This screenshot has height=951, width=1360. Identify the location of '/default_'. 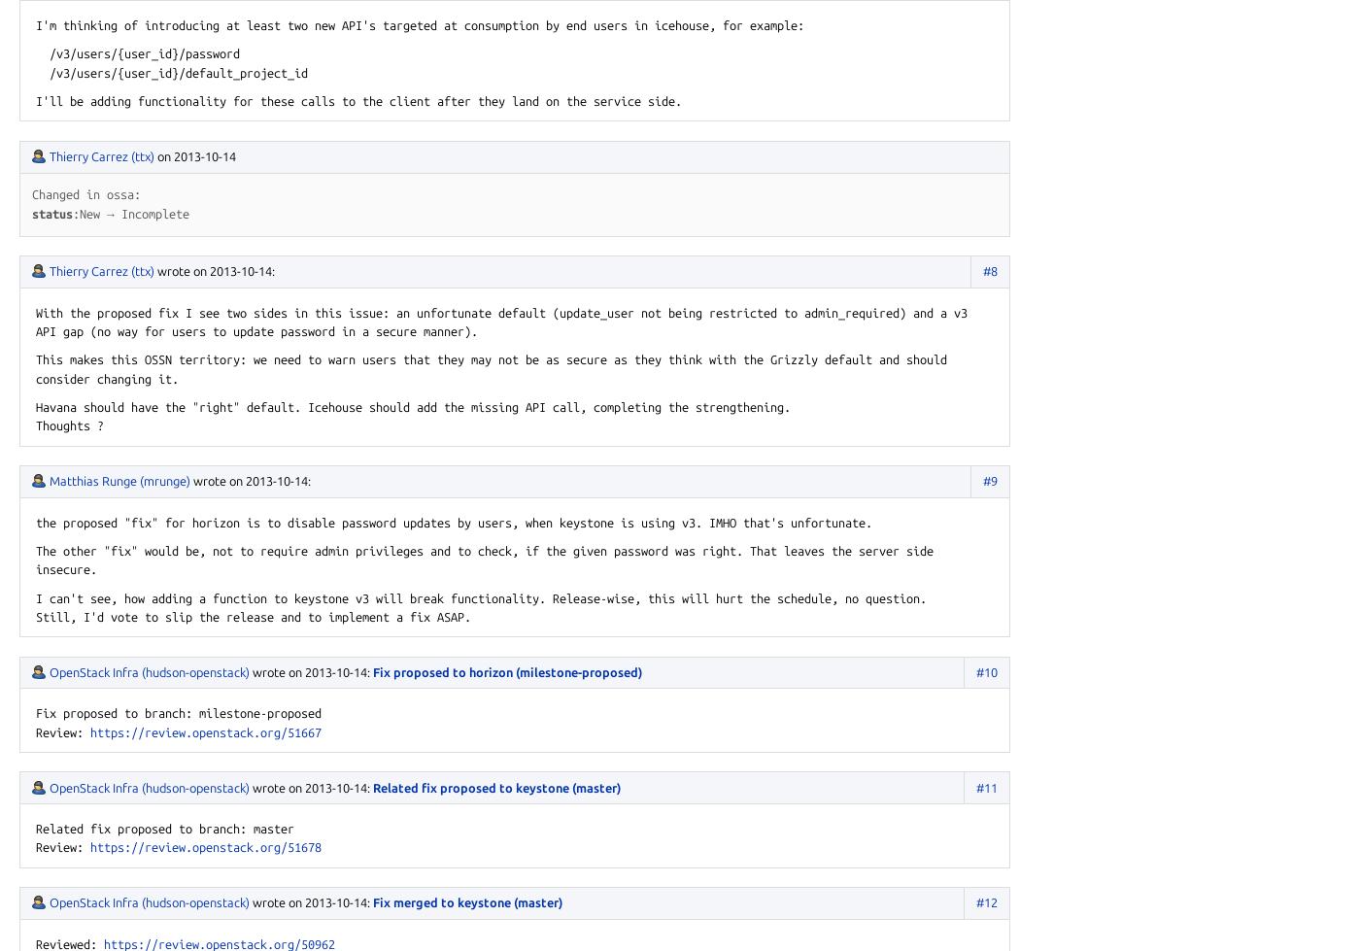
(178, 72).